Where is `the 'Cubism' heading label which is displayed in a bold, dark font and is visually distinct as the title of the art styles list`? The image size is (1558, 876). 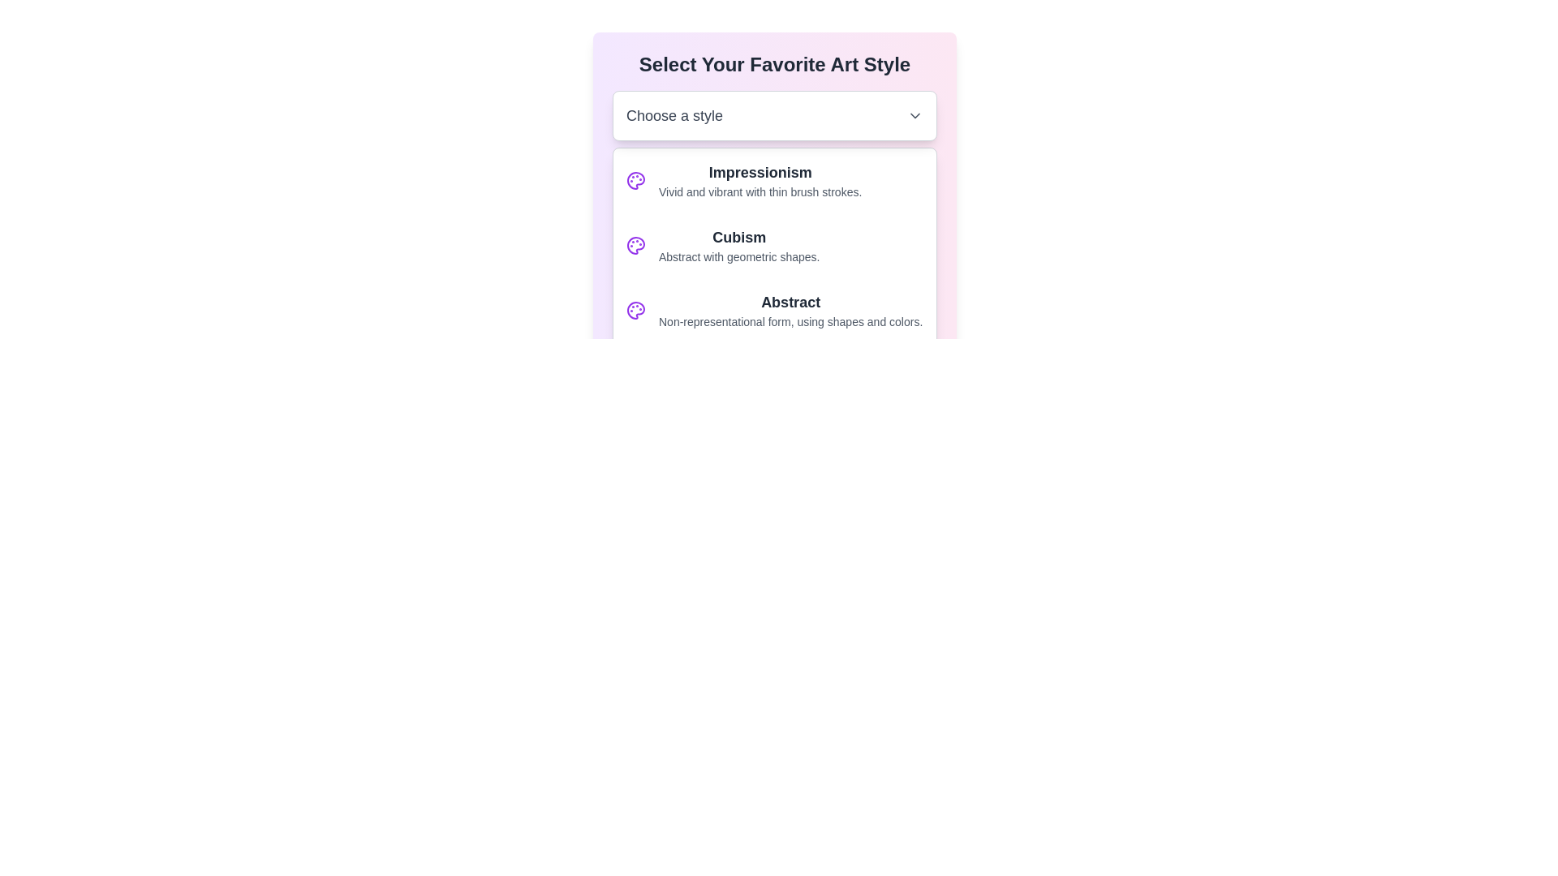
the 'Cubism' heading label which is displayed in a bold, dark font and is visually distinct as the title of the art styles list is located at coordinates (738, 238).